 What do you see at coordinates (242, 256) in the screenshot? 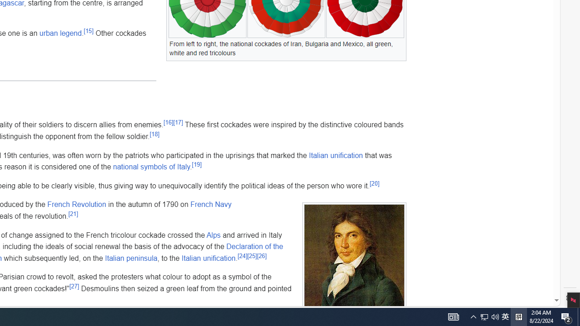
I see `'[24]'` at bounding box center [242, 256].